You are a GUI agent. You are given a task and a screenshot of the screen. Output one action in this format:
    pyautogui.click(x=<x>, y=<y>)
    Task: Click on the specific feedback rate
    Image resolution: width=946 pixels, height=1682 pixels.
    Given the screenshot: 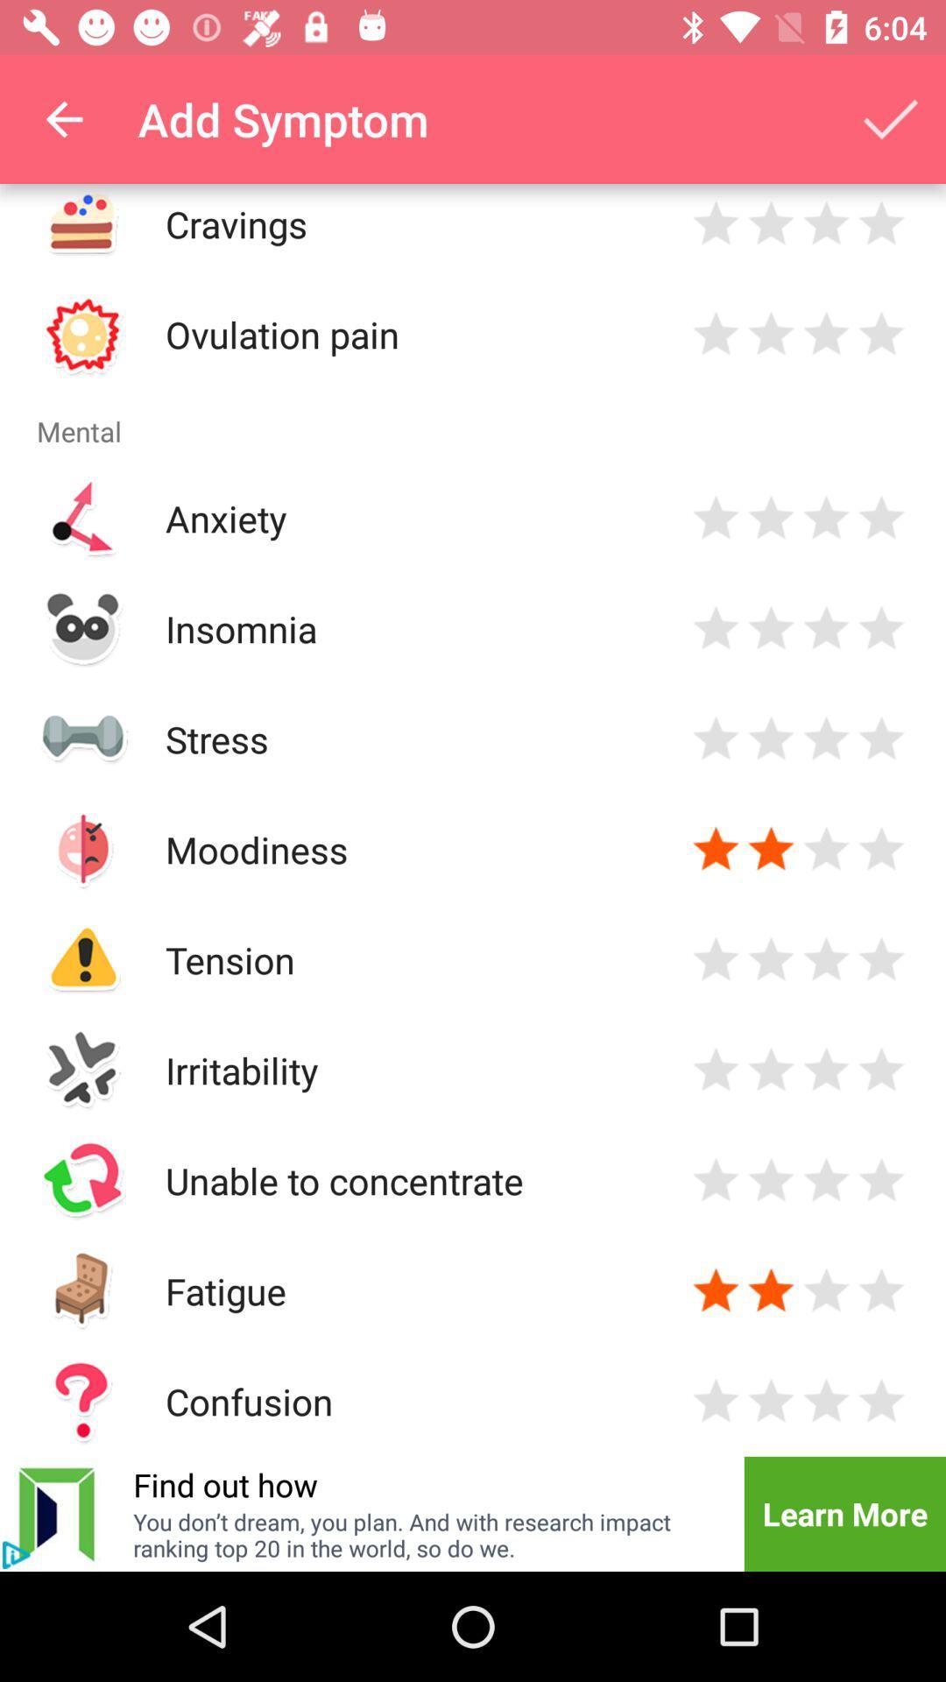 What is the action you would take?
    pyautogui.click(x=770, y=628)
    